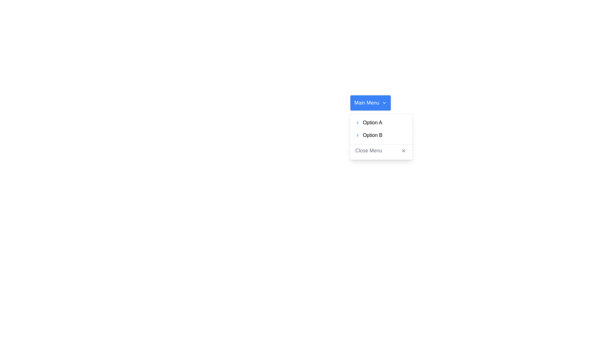  What do you see at coordinates (404, 150) in the screenshot?
I see `the 'X' icon in the bottom-right corner of the dropdown menu` at bounding box center [404, 150].